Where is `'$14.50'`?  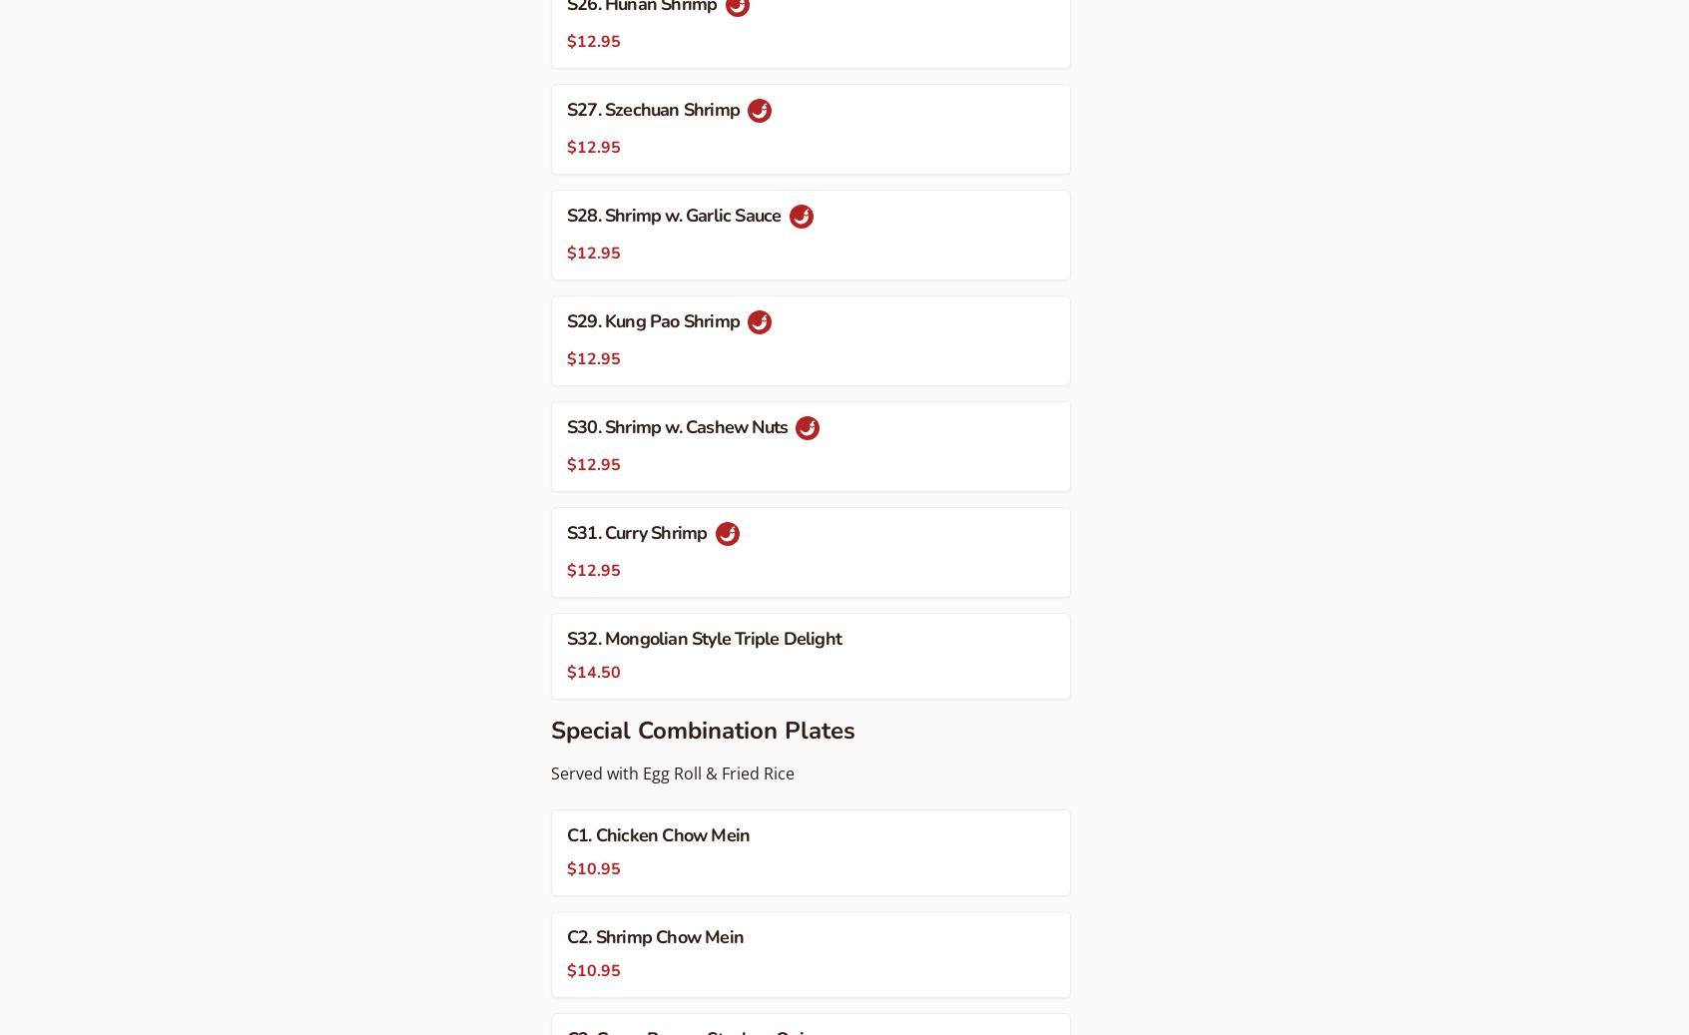
'$14.50' is located at coordinates (593, 672).